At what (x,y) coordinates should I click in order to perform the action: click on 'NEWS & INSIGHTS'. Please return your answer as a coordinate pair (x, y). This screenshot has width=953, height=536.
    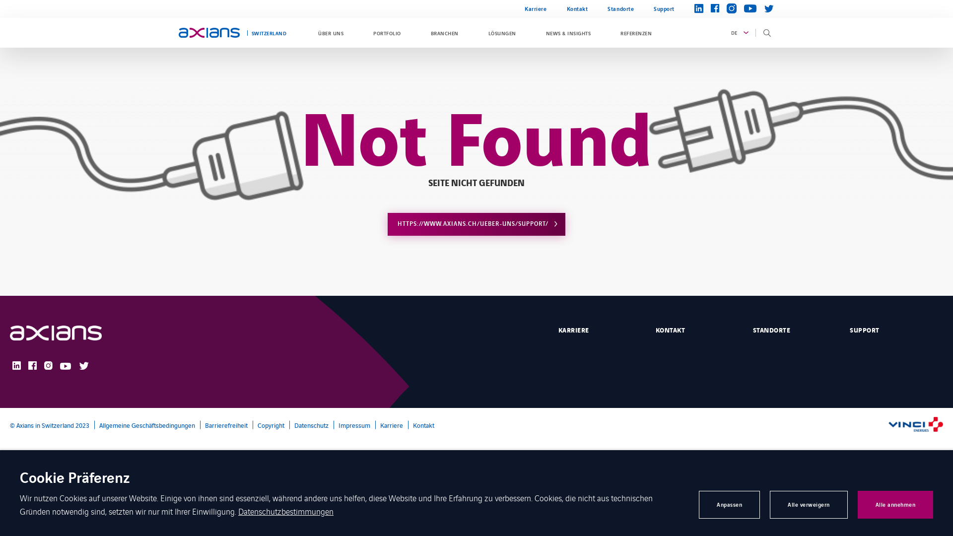
    Looking at the image, I should click on (568, 32).